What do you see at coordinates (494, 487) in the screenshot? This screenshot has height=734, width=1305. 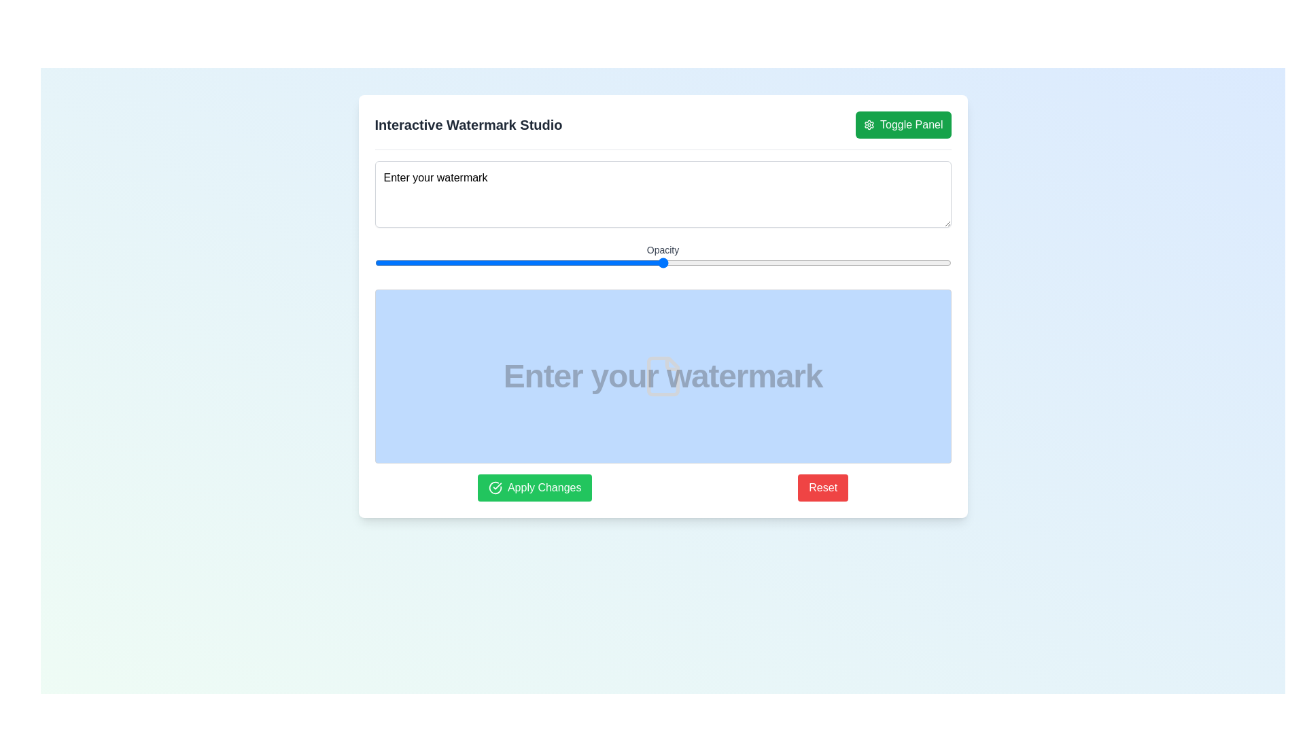 I see `the check mark icon within the green 'Apply Changes' button, which indicates a completion state` at bounding box center [494, 487].